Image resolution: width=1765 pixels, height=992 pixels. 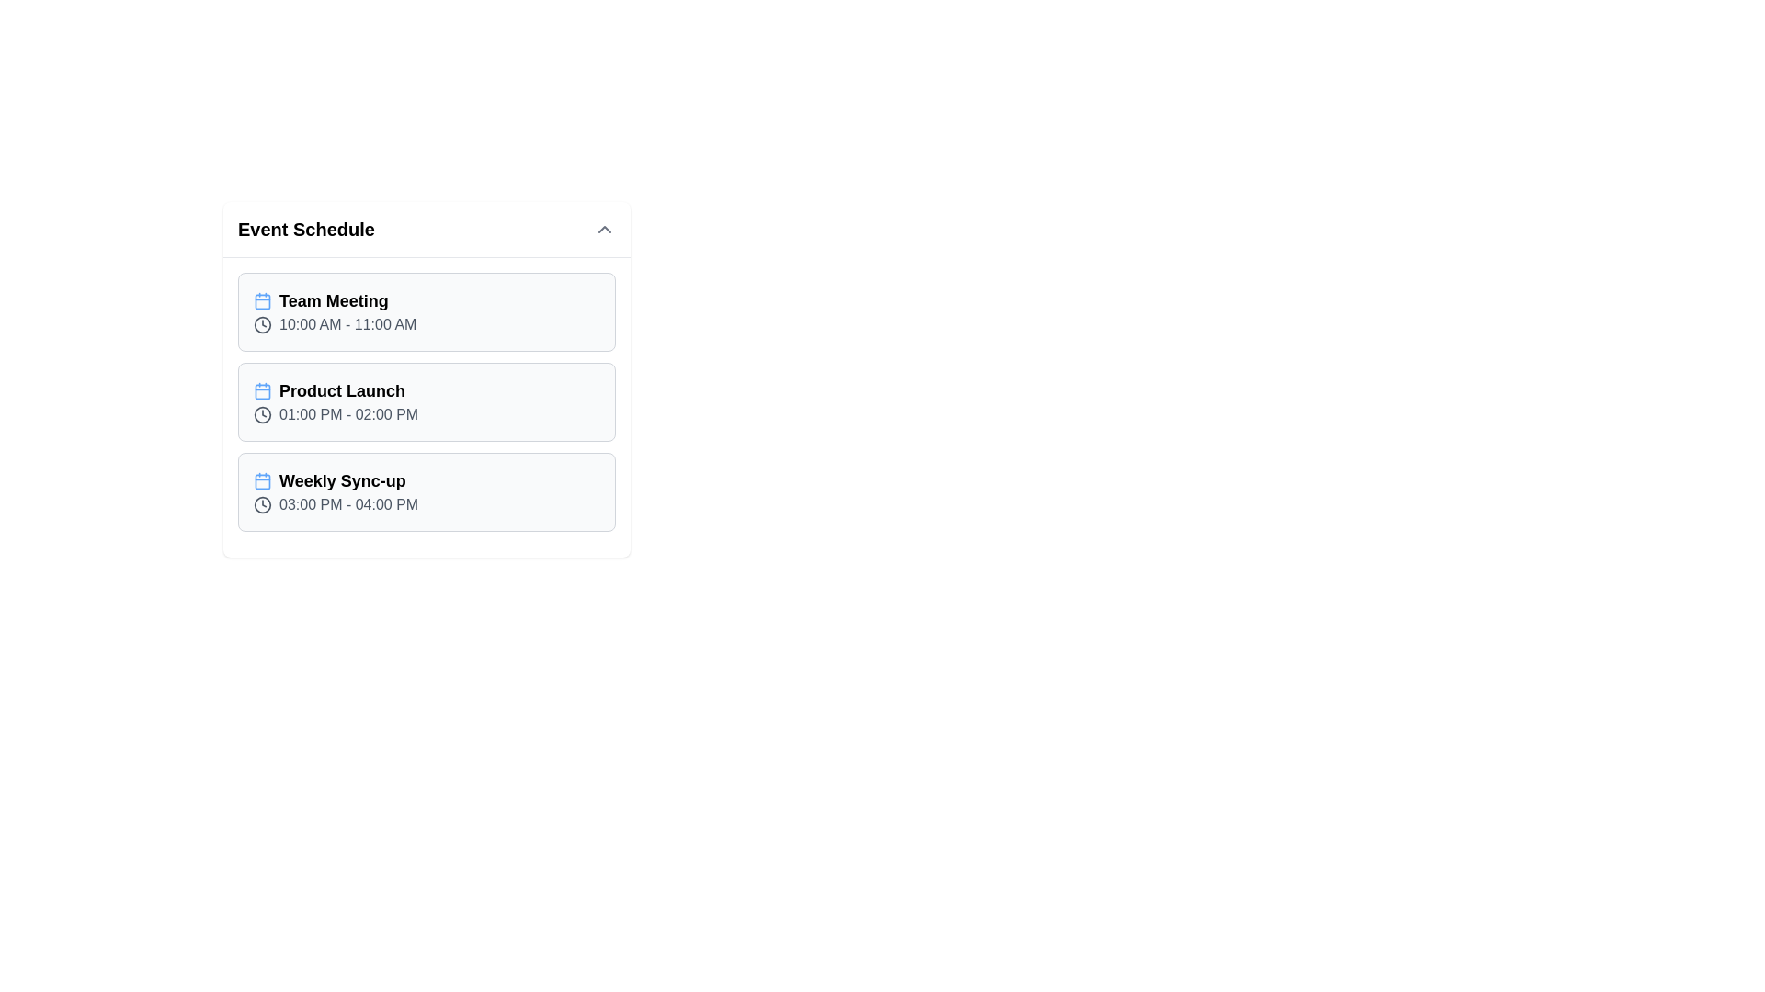 I want to click on the event schedule icon representing the 'Team Meeting' event, so click(x=262, y=299).